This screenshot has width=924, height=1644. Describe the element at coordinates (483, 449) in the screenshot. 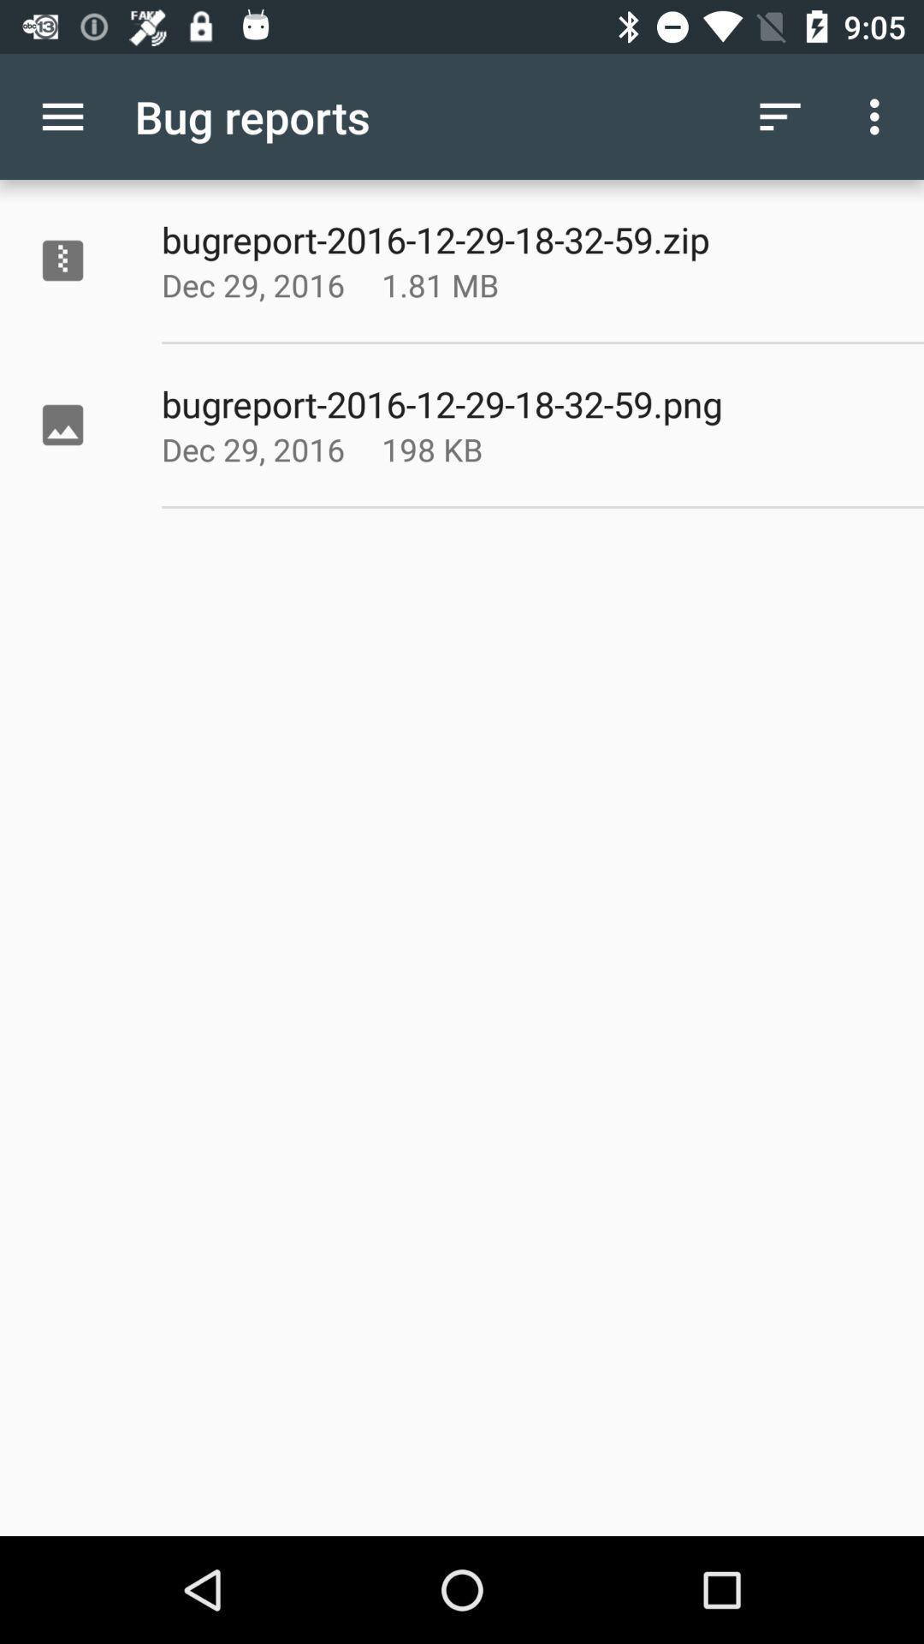

I see `icon below the bugreport 2016 12 icon` at that location.